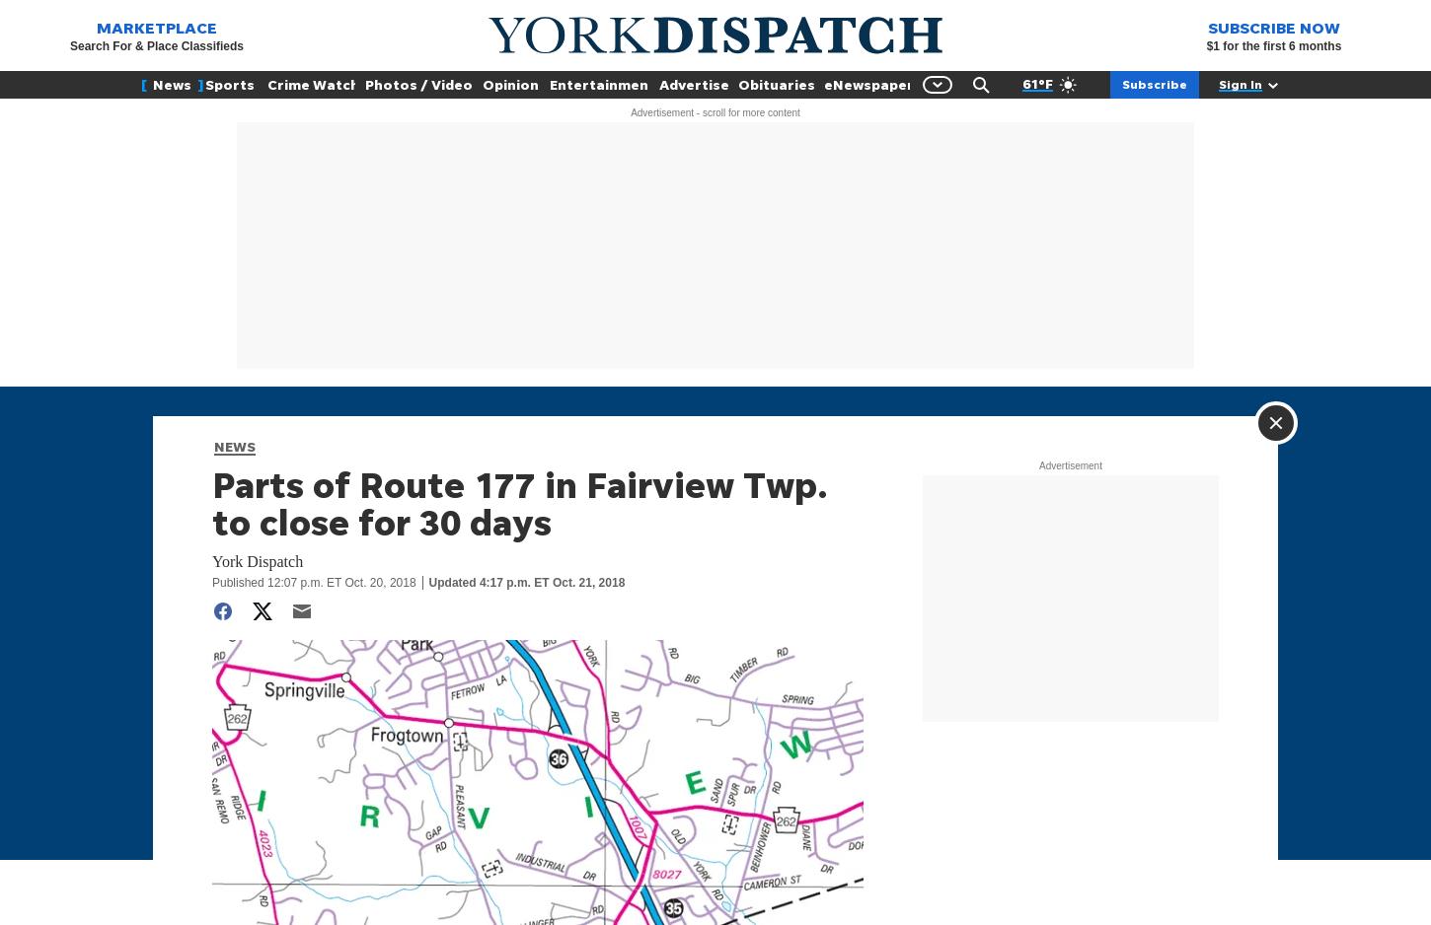 The width and height of the screenshot is (1431, 925). What do you see at coordinates (866, 84) in the screenshot?
I see `'eNewspaper'` at bounding box center [866, 84].